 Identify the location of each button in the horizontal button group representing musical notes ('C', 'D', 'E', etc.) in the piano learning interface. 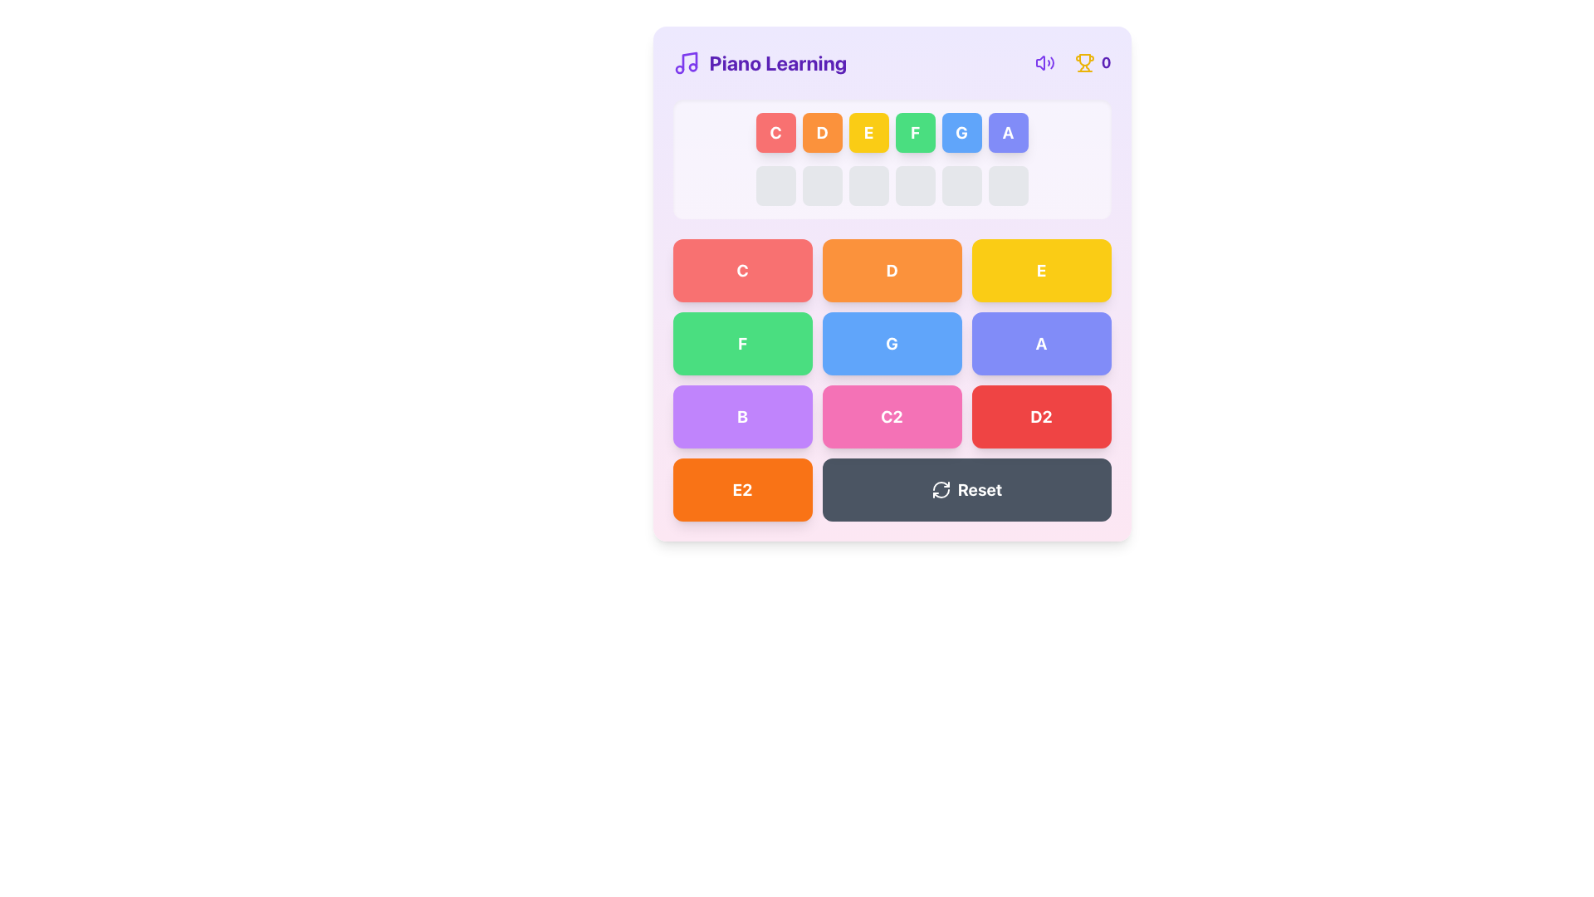
(891, 159).